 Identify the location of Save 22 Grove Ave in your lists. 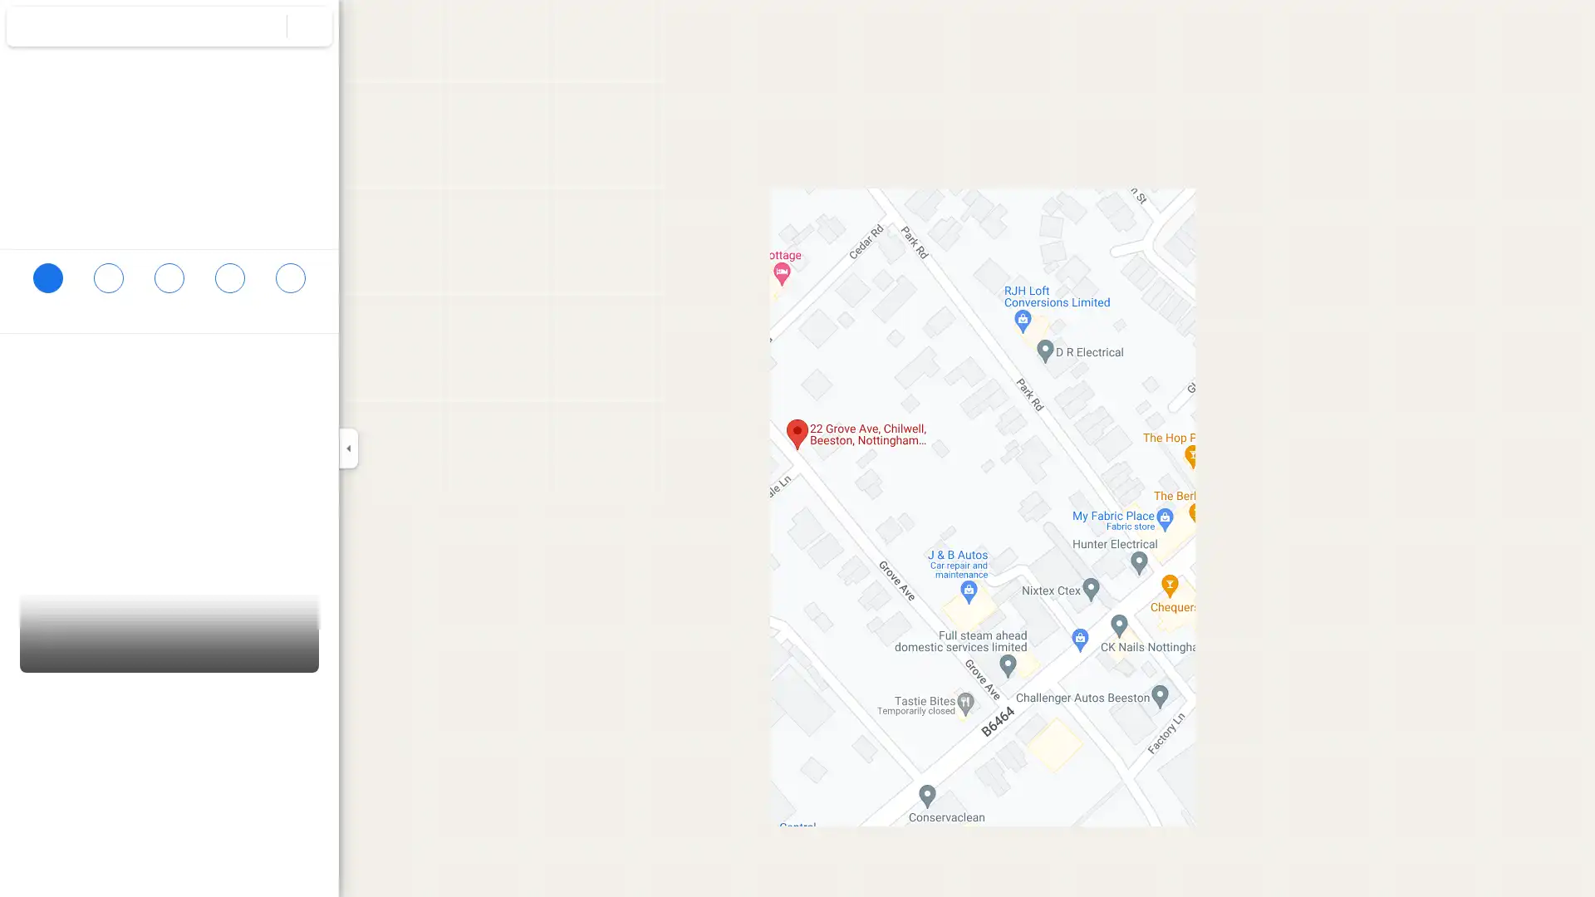
(107, 284).